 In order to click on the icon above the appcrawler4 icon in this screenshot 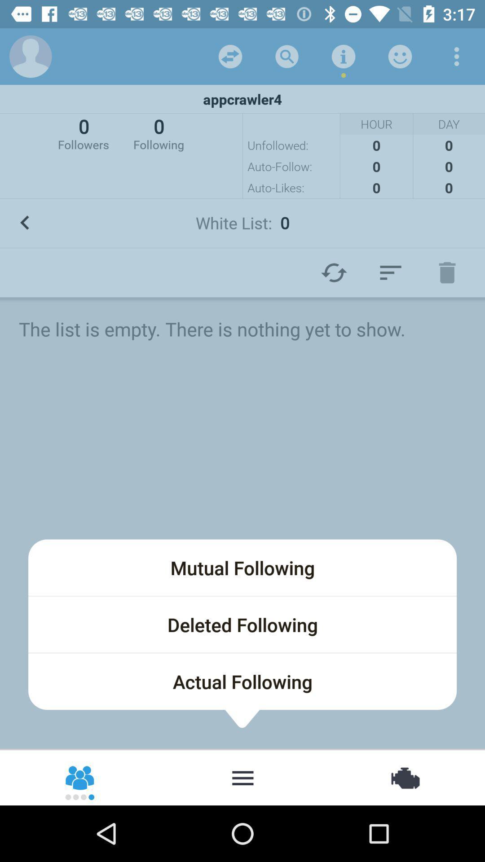, I will do `click(287, 56)`.